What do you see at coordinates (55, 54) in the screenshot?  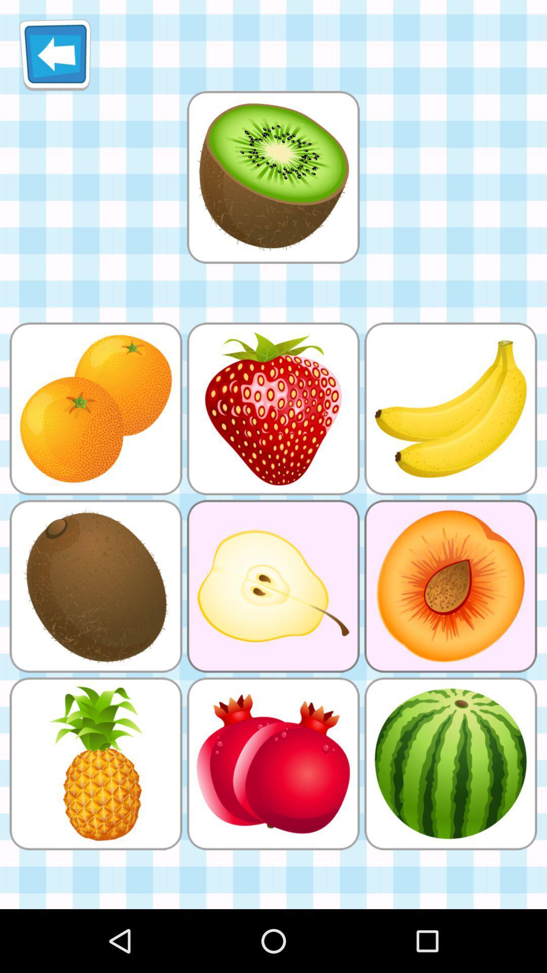 I see `go back` at bounding box center [55, 54].